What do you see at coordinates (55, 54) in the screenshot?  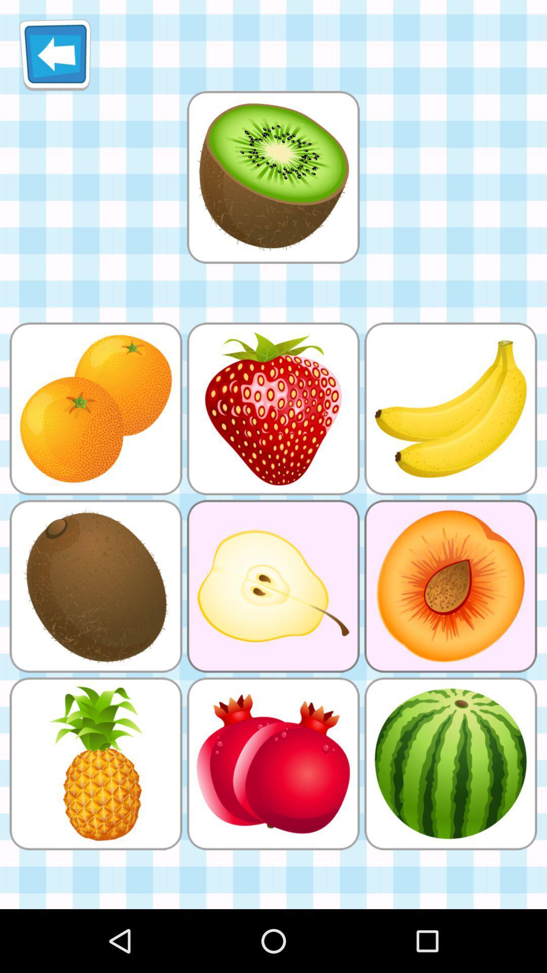 I see `go back` at bounding box center [55, 54].